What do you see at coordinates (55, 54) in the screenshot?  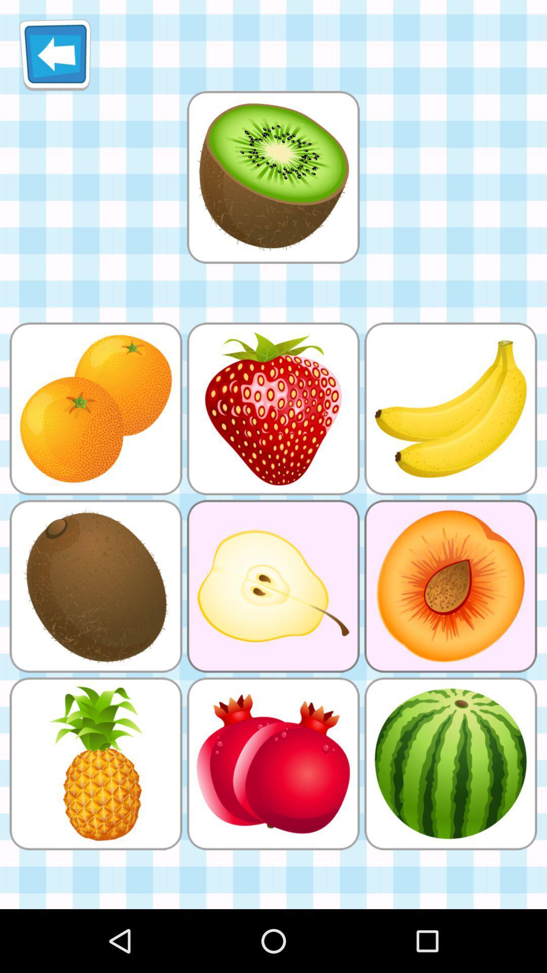 I see `go back` at bounding box center [55, 54].